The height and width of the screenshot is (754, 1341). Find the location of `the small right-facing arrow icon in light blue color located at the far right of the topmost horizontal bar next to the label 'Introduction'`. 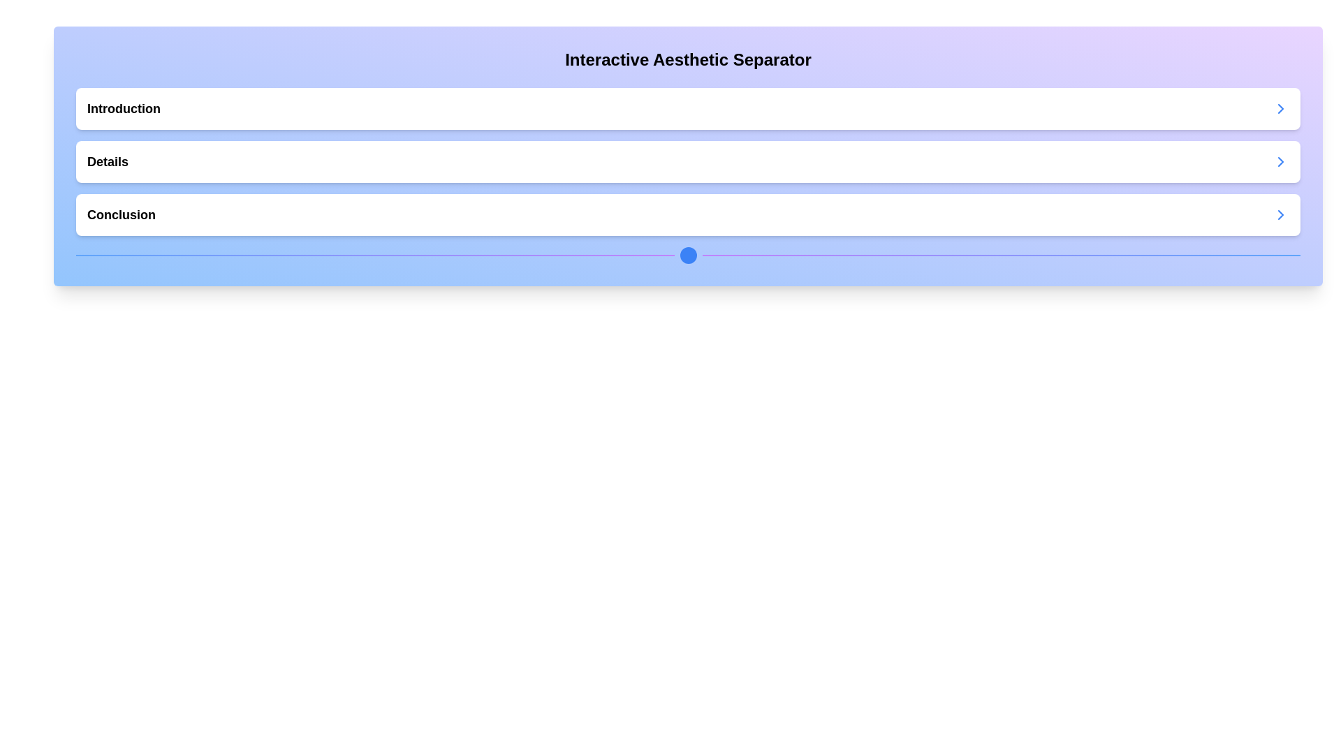

the small right-facing arrow icon in light blue color located at the far right of the topmost horizontal bar next to the label 'Introduction' is located at coordinates (1280, 108).